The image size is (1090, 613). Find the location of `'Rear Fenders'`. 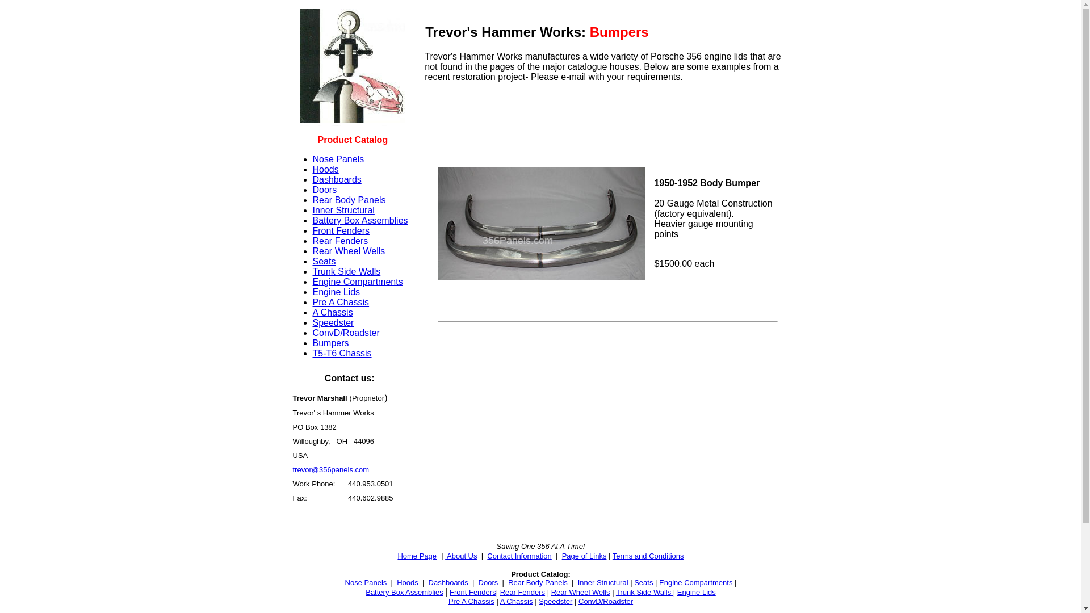

'Rear Fenders' is located at coordinates (312, 240).